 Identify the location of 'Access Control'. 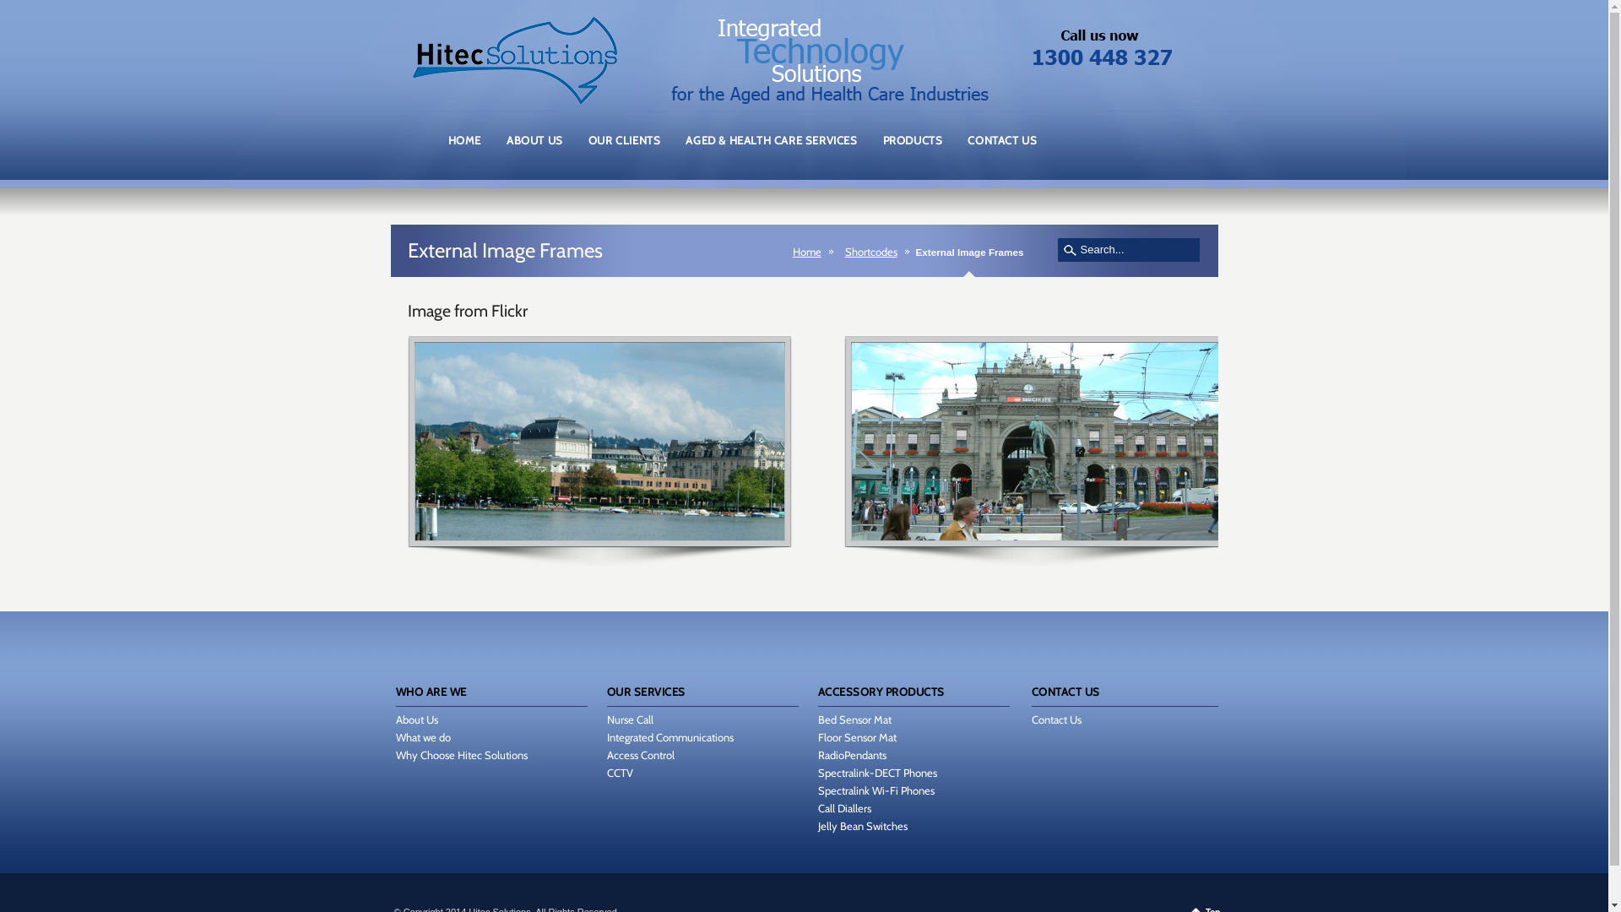
(639, 754).